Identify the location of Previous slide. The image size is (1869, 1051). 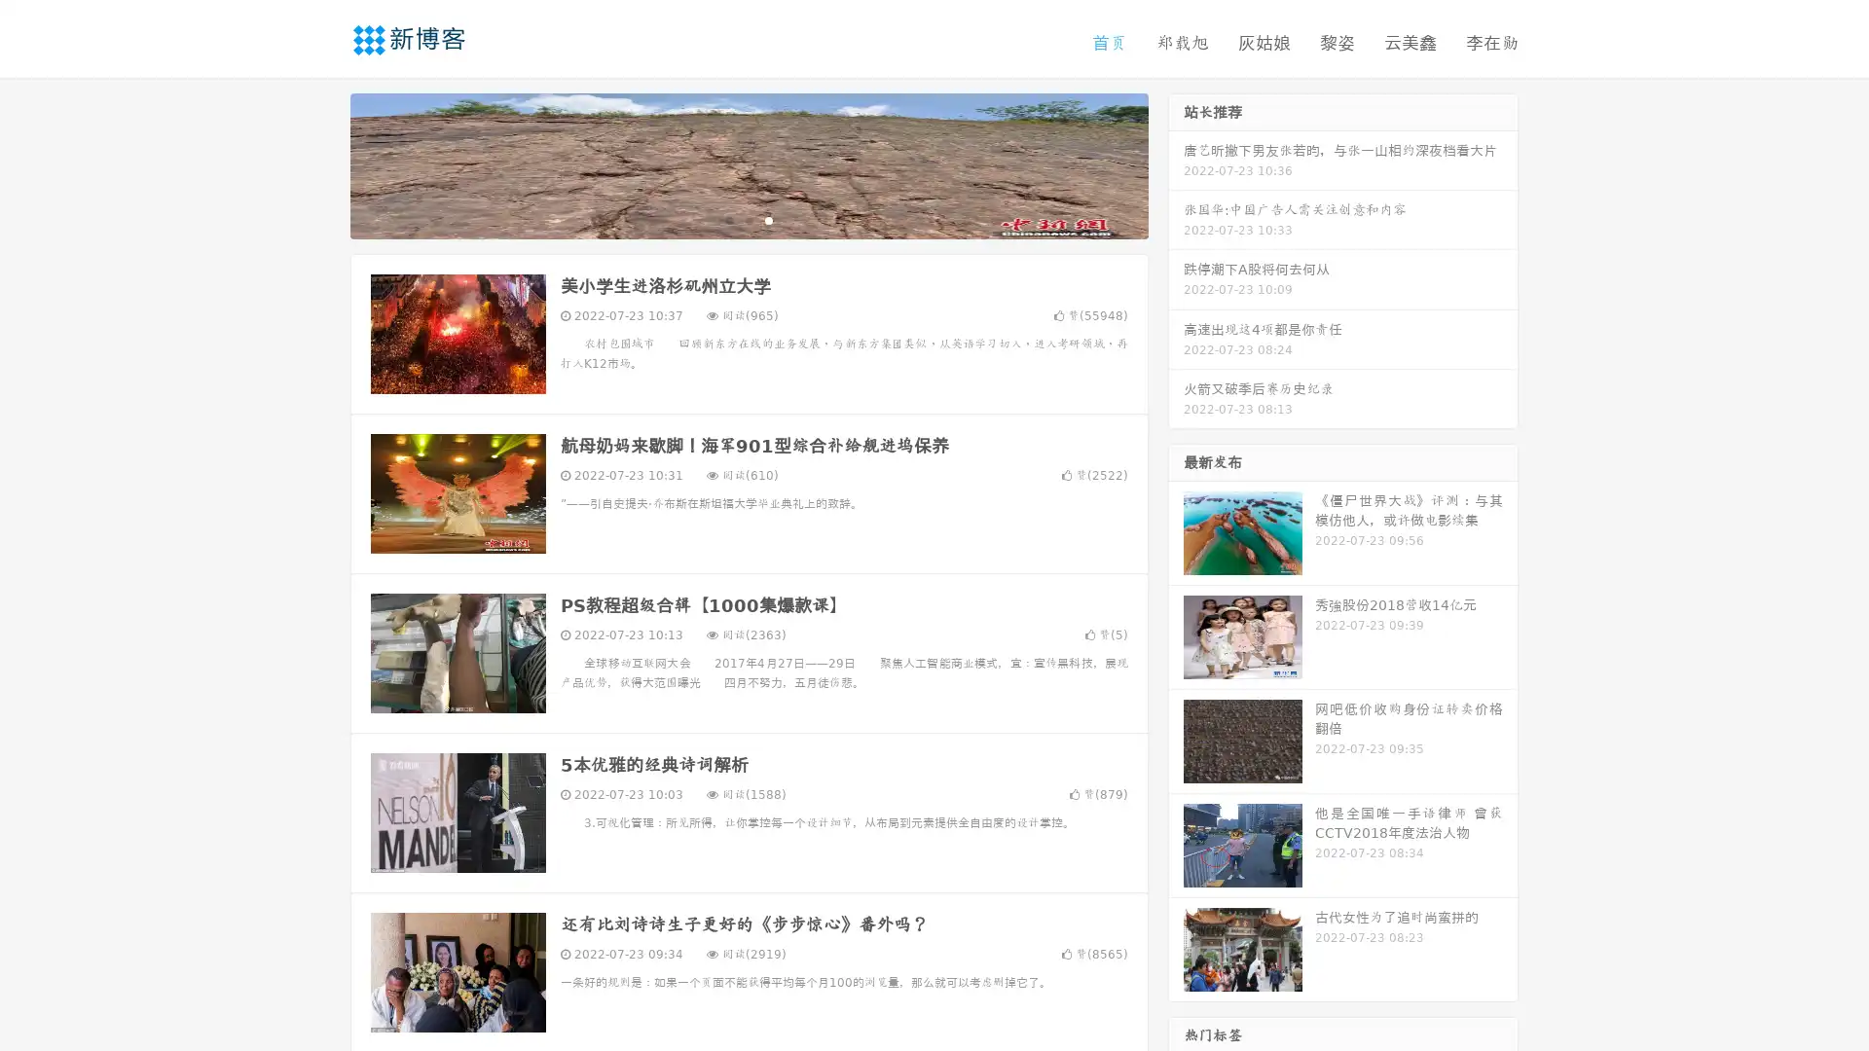
(321, 163).